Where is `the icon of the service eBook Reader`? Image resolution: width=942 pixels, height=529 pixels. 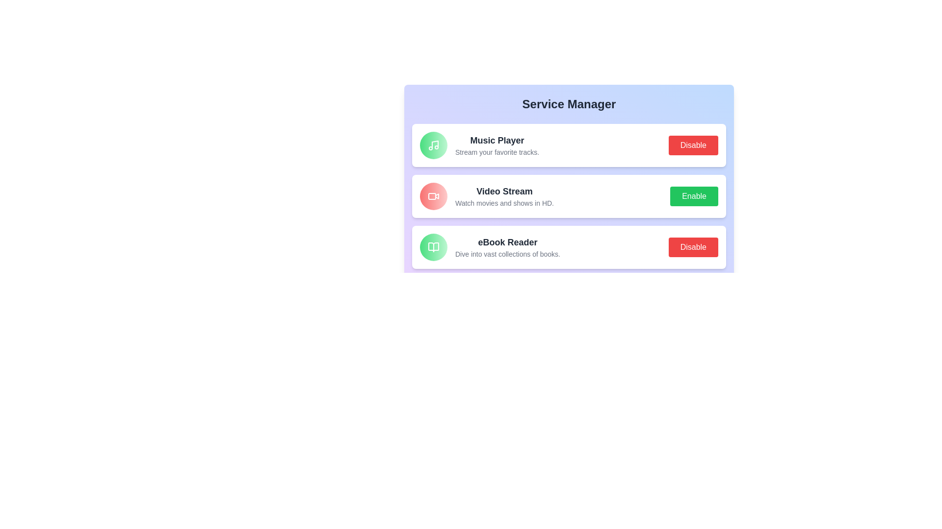
the icon of the service eBook Reader is located at coordinates (433, 247).